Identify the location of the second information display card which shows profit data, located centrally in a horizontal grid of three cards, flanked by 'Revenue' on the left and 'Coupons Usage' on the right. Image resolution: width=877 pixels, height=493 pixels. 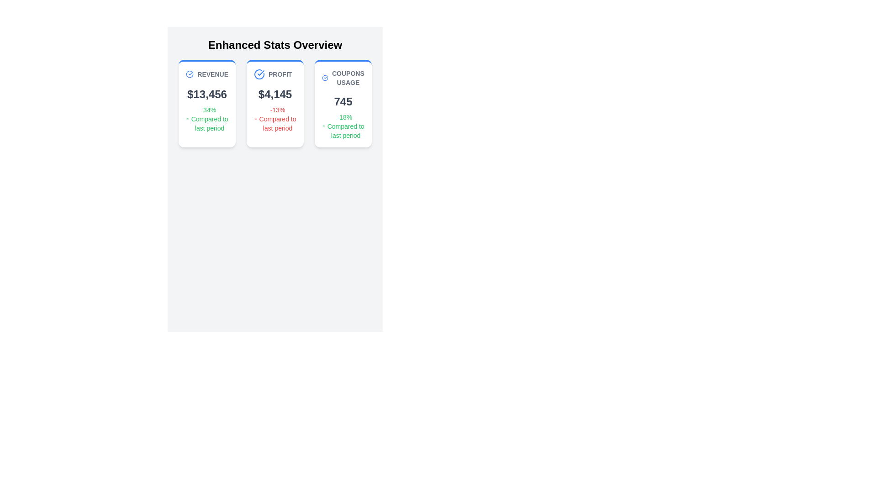
(275, 103).